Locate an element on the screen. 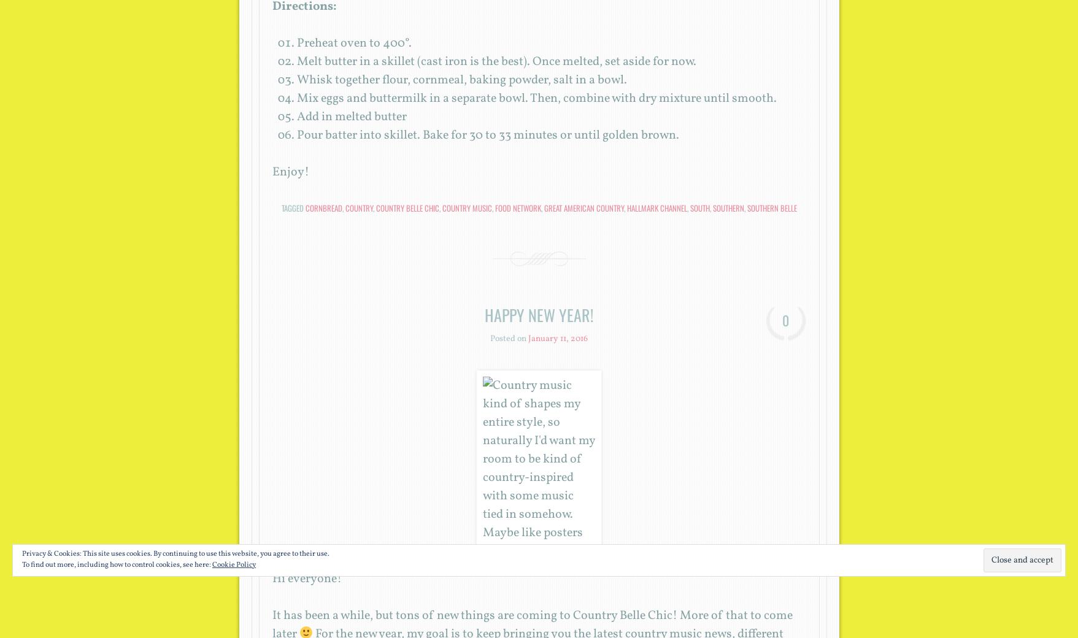 This screenshot has height=638, width=1078. 'Pour batter into skillet. Bake for 30 to 33 minutes or until golden brown.' is located at coordinates (487, 136).